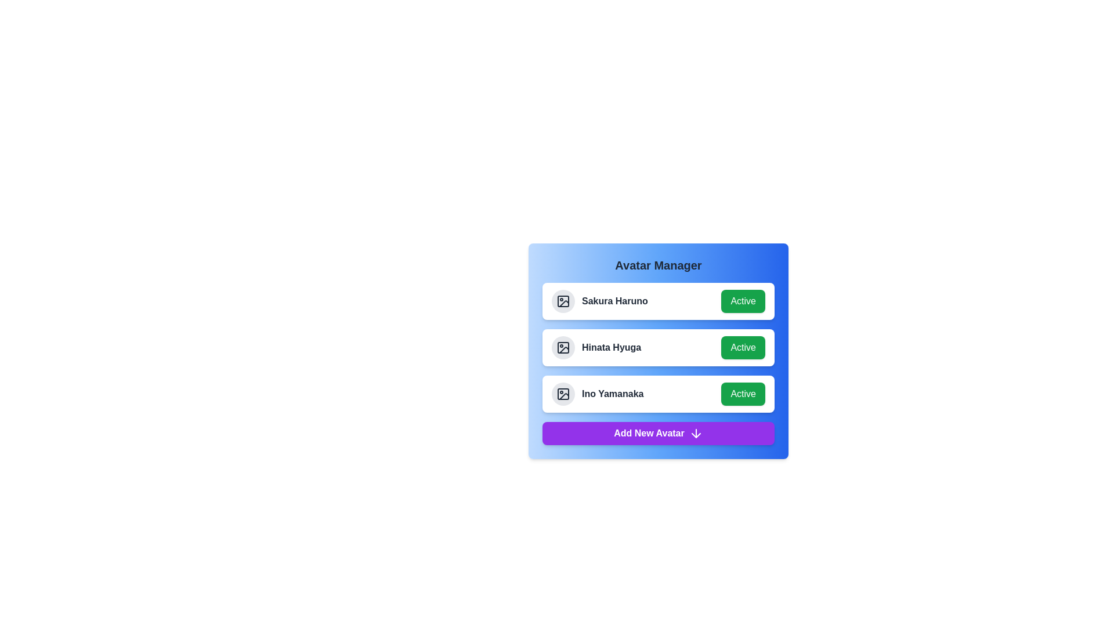 The height and width of the screenshot is (626, 1114). I want to click on the Image placeholder icon located to the left of the text 'Hinata Hyuga' in the second row of the 'Avatar Manager' section, so click(563, 347).